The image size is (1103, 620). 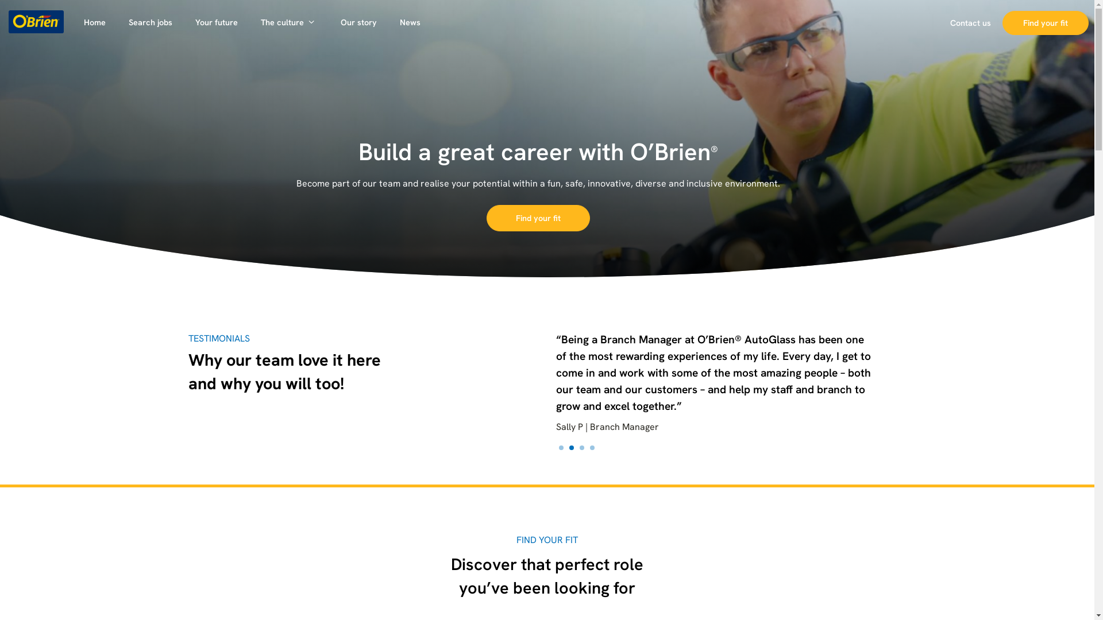 What do you see at coordinates (537, 218) in the screenshot?
I see `'Find your fit'` at bounding box center [537, 218].